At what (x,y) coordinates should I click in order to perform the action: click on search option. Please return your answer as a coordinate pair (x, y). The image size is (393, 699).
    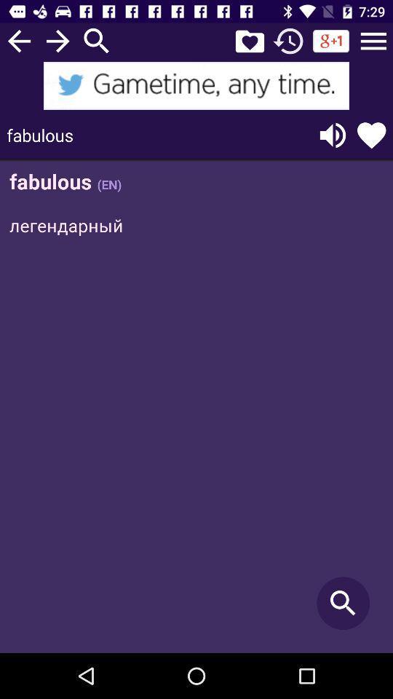
    Looking at the image, I should click on (97, 40).